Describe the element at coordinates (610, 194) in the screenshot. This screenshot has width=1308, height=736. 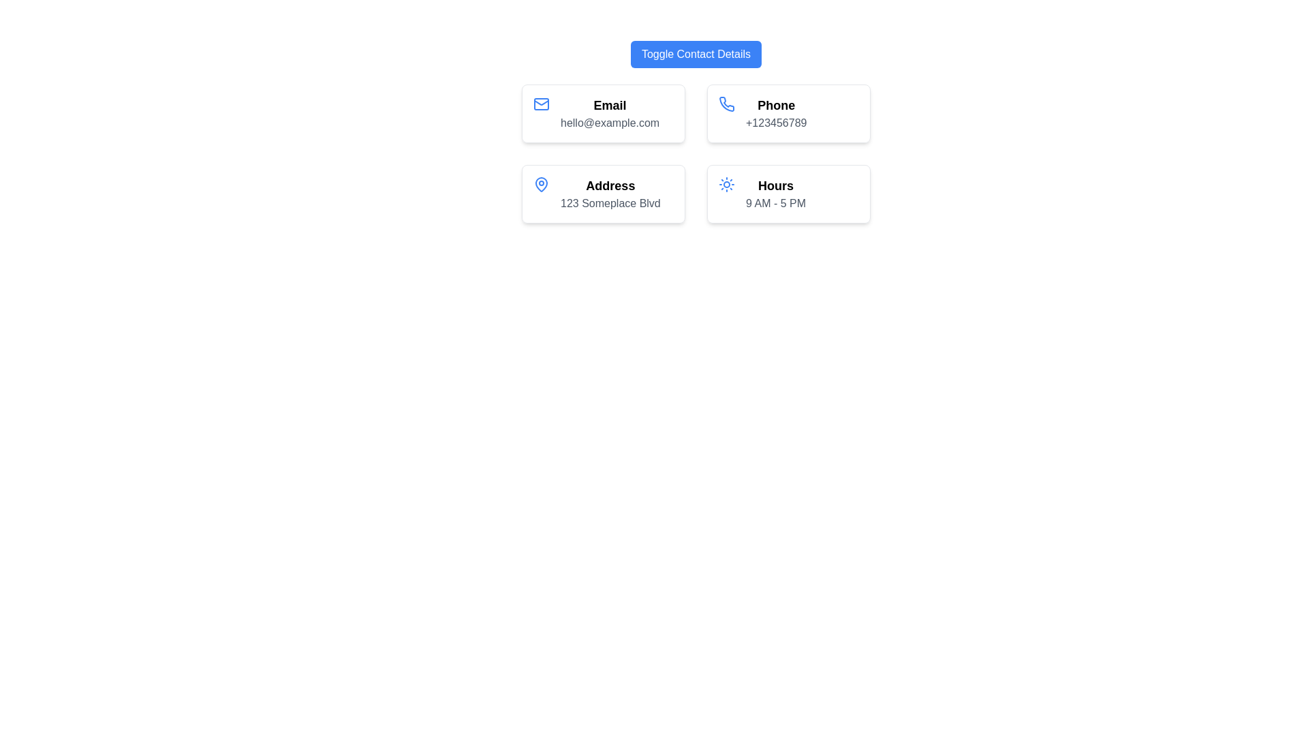
I see `the address summary text block located in the lower-left quadrant of a 2x2 grid of cards, specifically the second card in the first row` at that location.